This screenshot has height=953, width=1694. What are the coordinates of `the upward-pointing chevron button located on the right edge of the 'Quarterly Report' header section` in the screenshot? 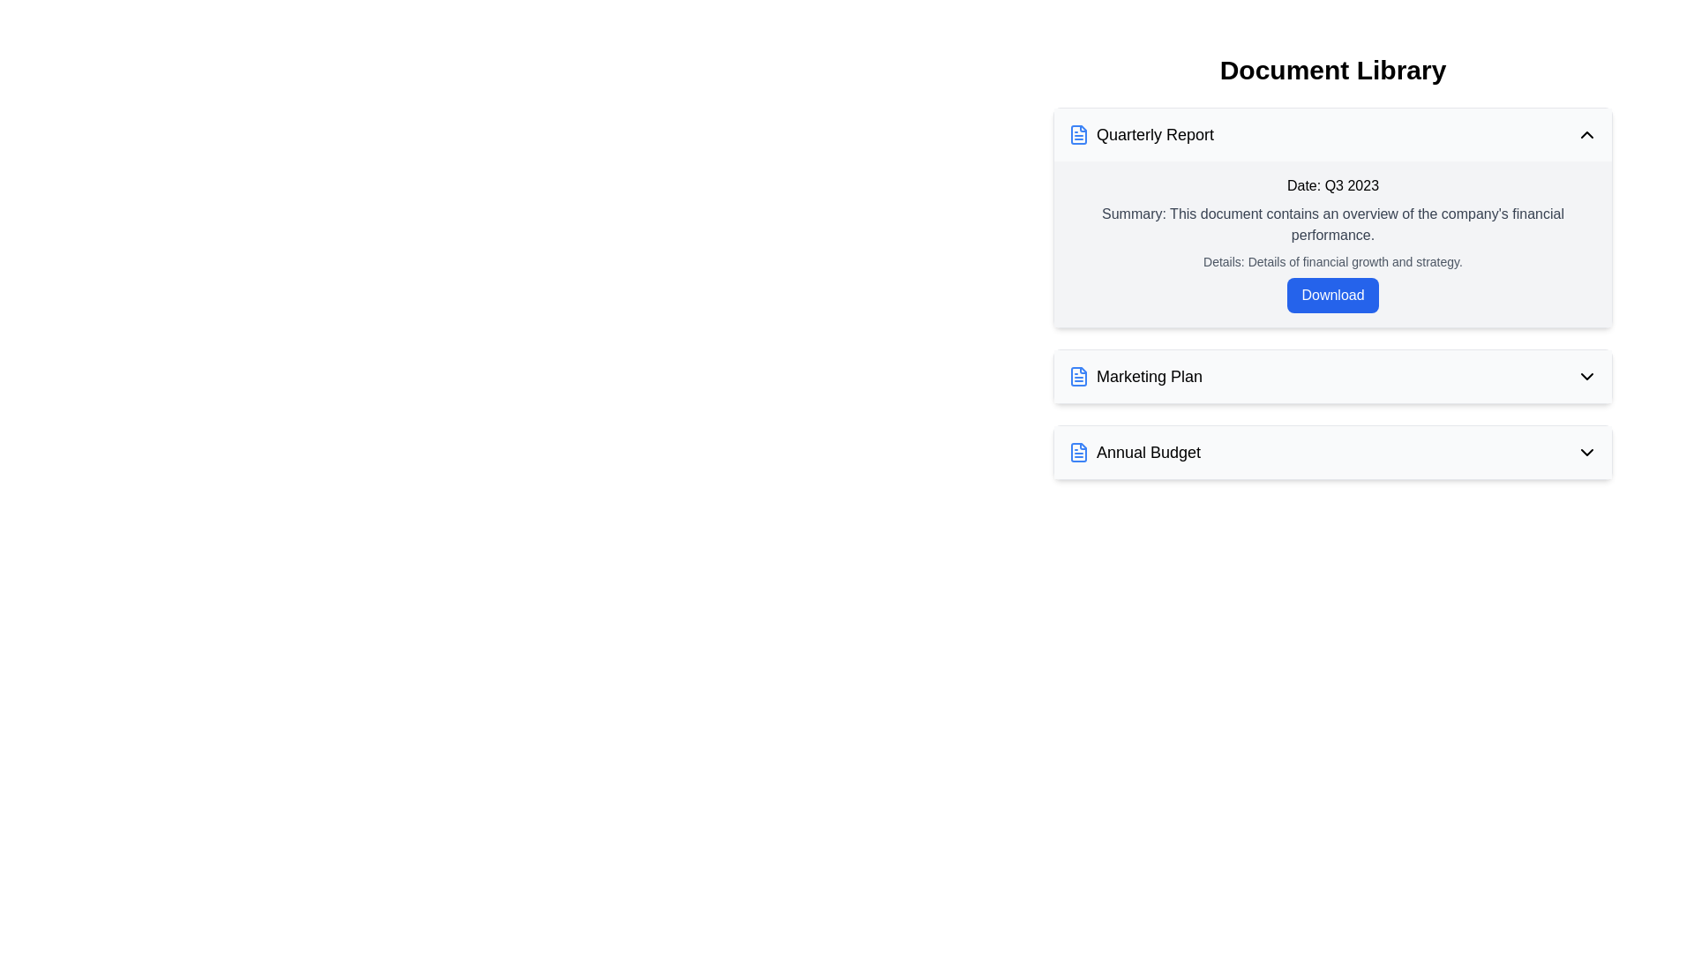 It's located at (1587, 134).